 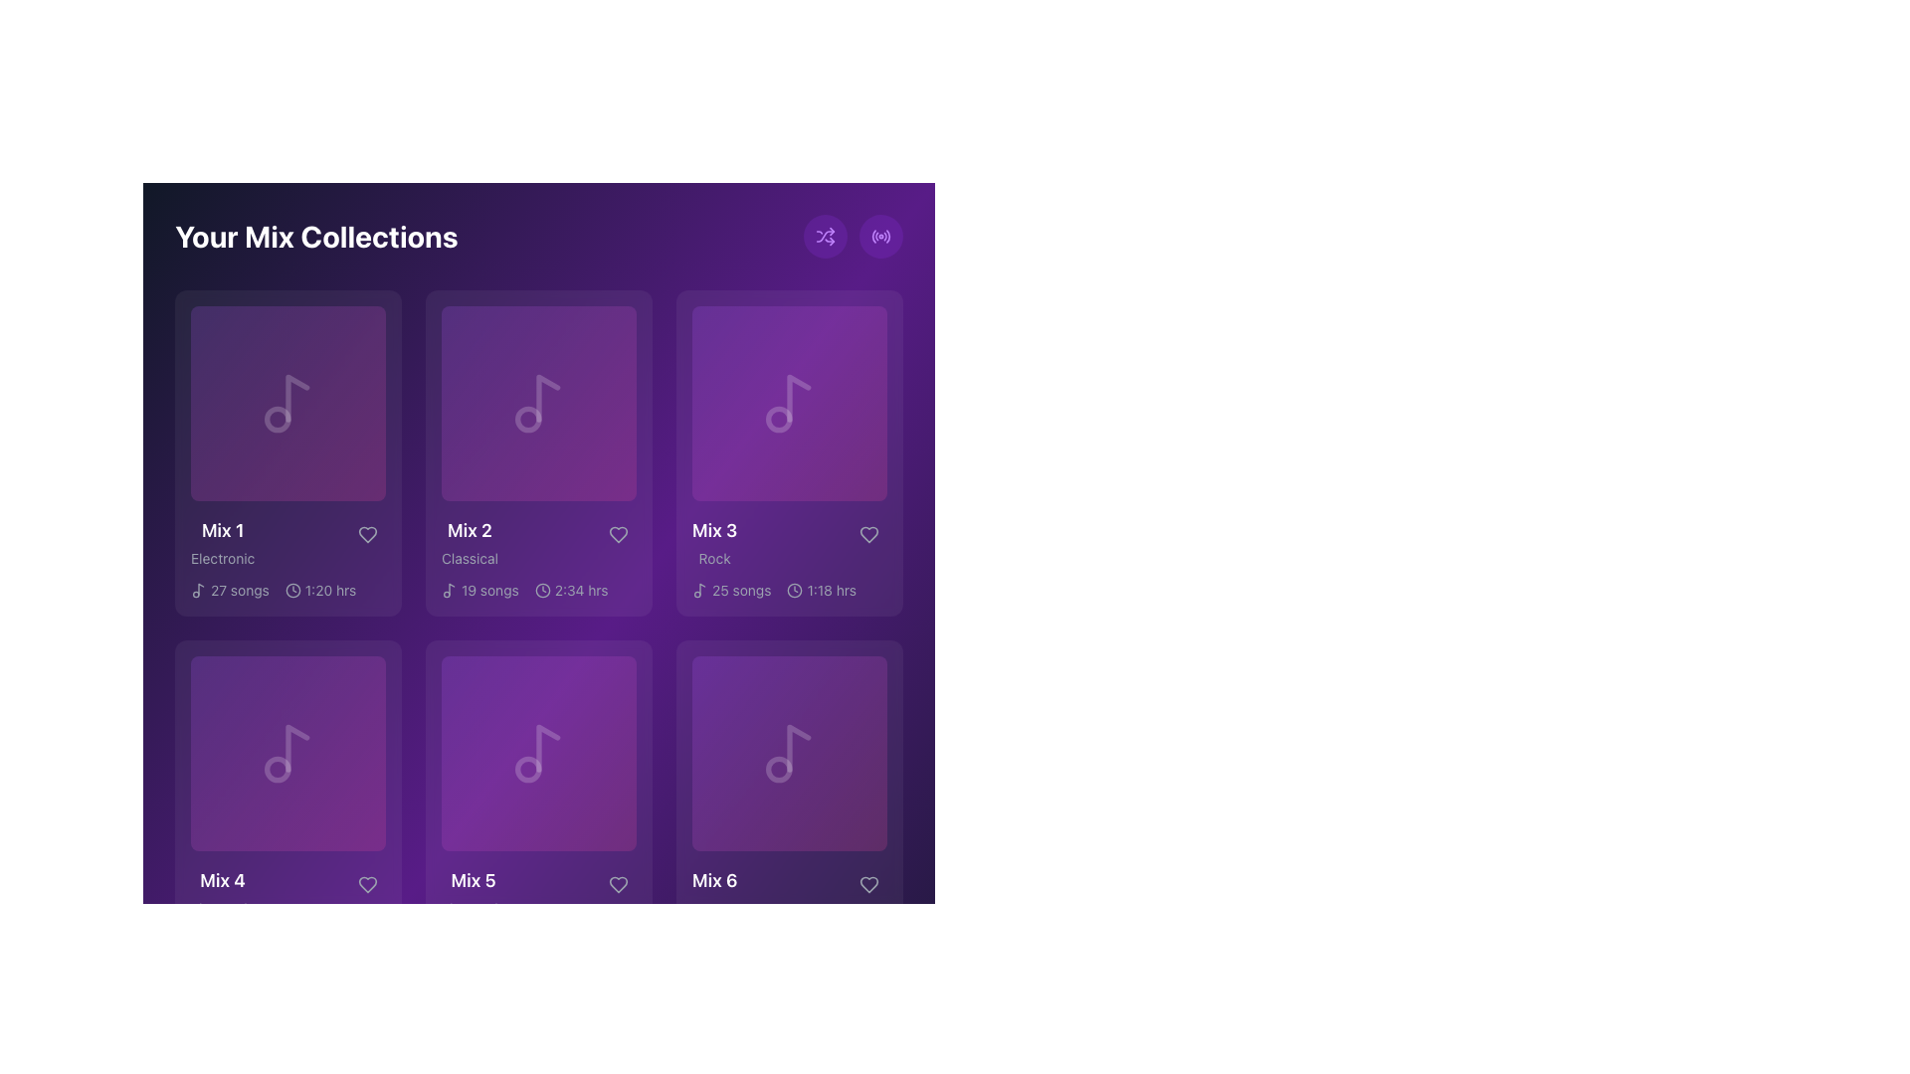 I want to click on the Label with icon that displays the number of songs in the 'Mix 3' music collection, located in the 'Your Mix Collections' section, positioned below the title and above the duration information, next to the music note icon, so click(x=730, y=590).